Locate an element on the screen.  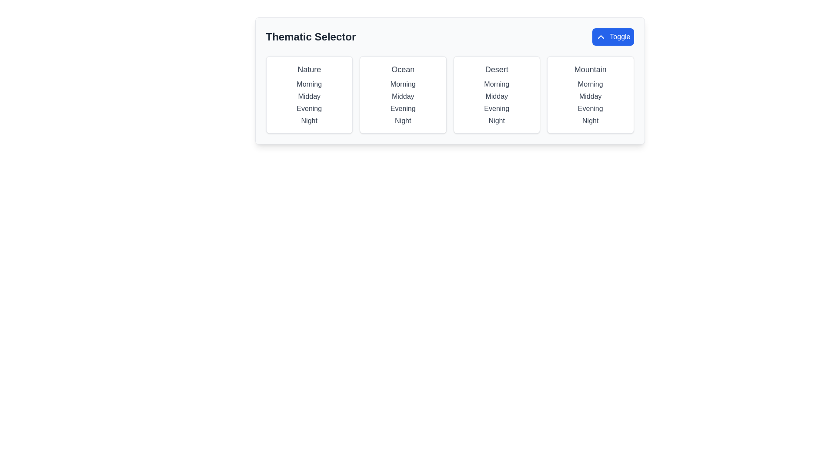
the 'Evening' text label, which is the third entry in the vertical list under the heading 'Nature.' is located at coordinates (309, 108).